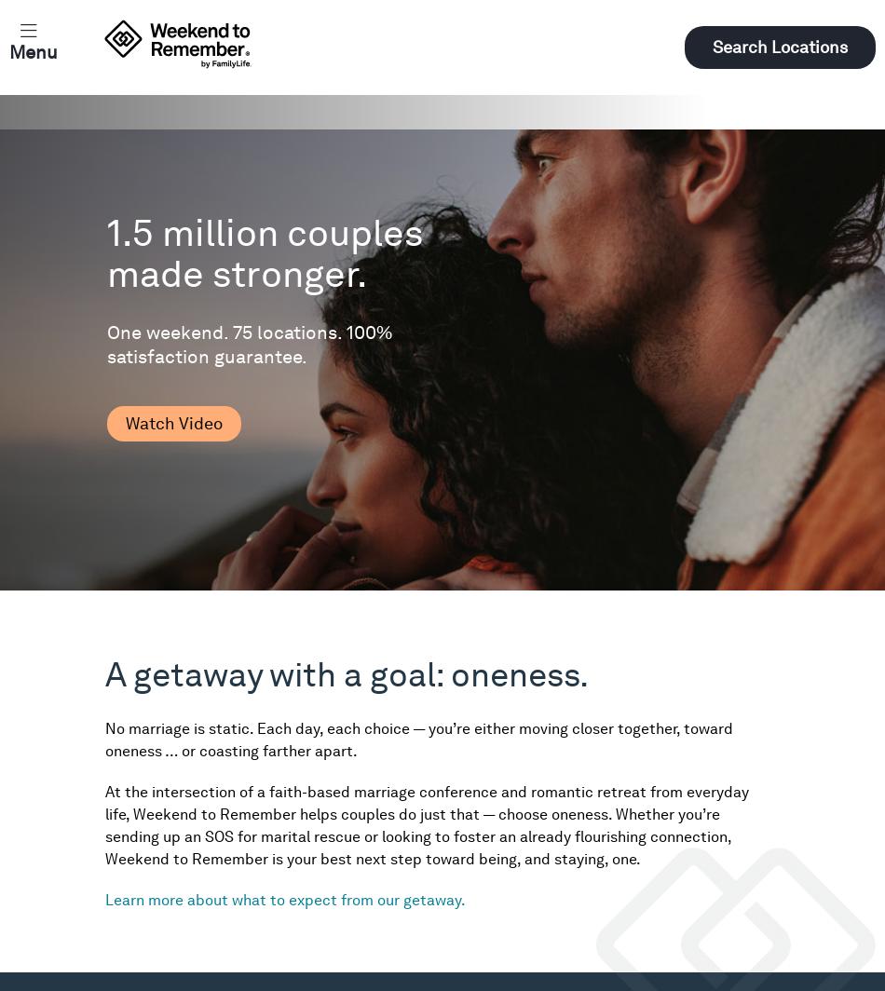 The height and width of the screenshot is (991, 885). What do you see at coordinates (34, 51) in the screenshot?
I see `'Menu'` at bounding box center [34, 51].